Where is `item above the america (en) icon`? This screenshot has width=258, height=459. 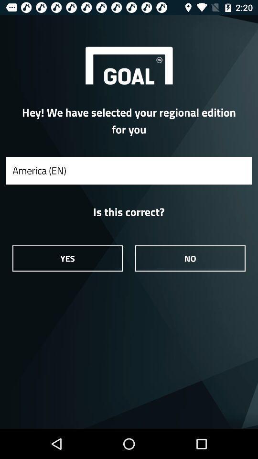
item above the america (en) icon is located at coordinates (129, 120).